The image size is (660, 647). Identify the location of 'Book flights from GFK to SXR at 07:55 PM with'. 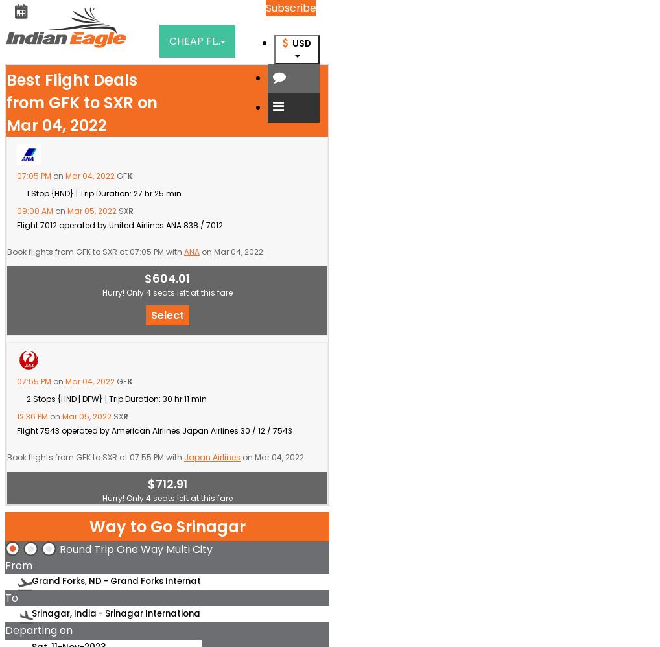
(95, 457).